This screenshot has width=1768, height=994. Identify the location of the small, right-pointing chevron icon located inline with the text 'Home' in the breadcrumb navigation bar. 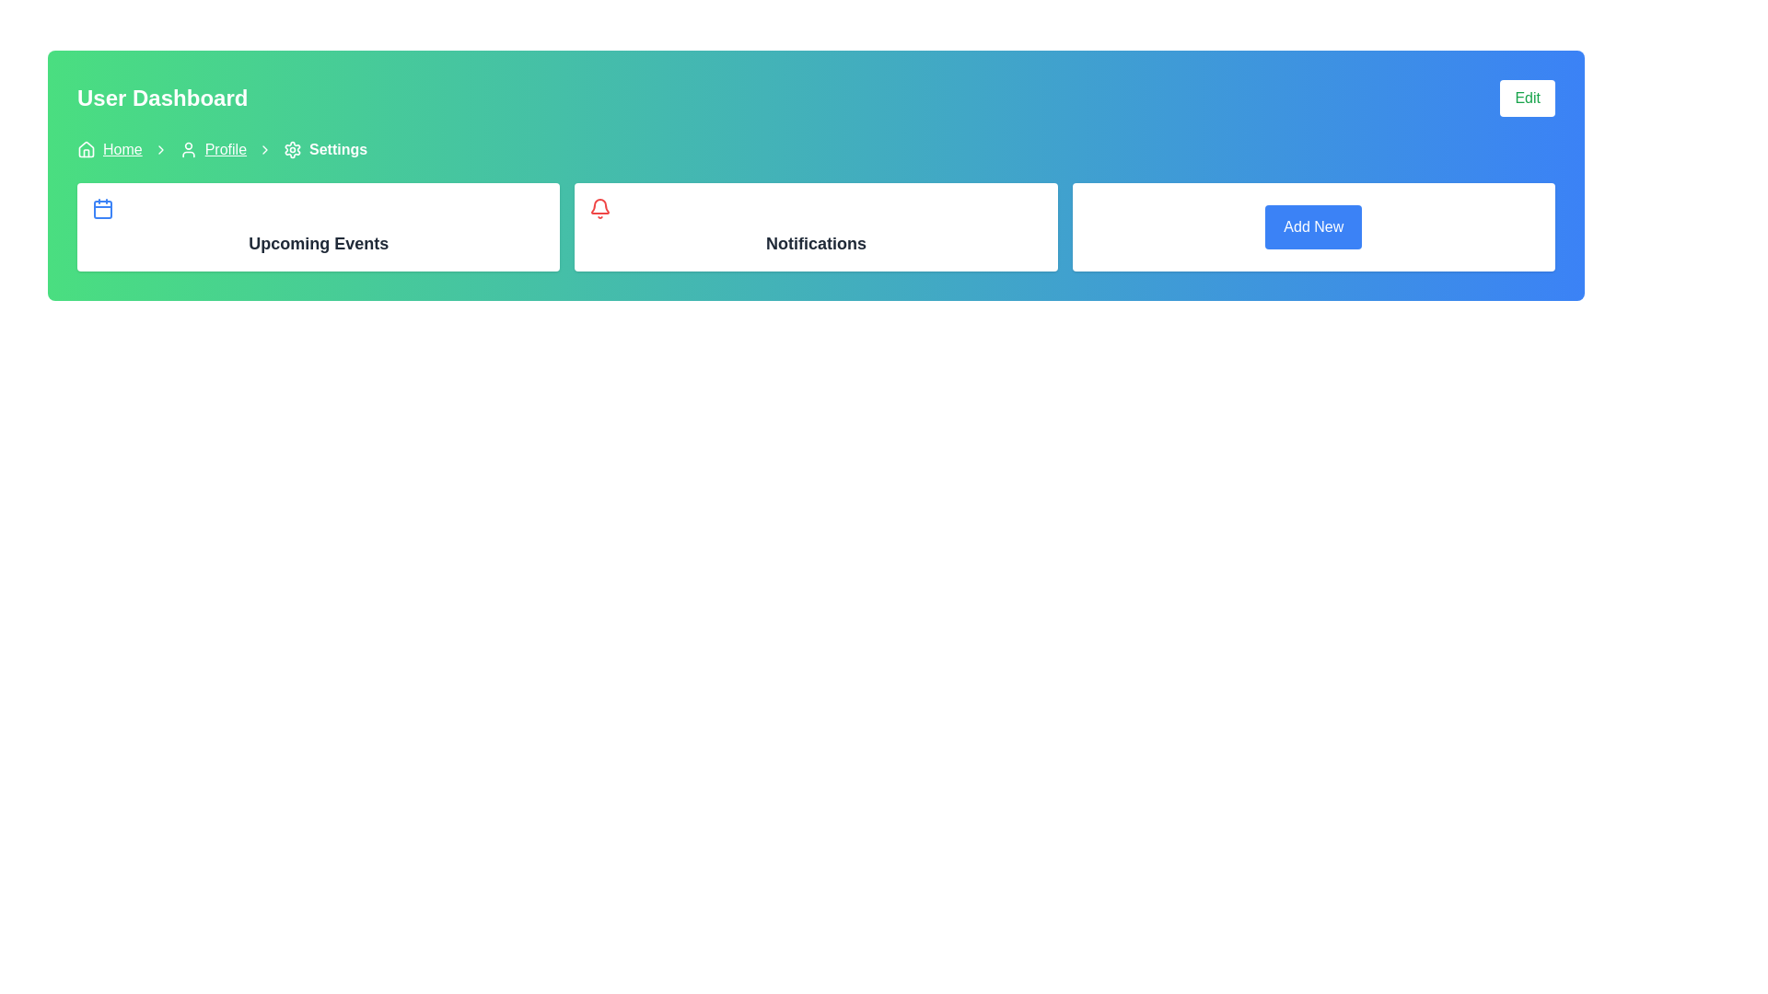
(160, 148).